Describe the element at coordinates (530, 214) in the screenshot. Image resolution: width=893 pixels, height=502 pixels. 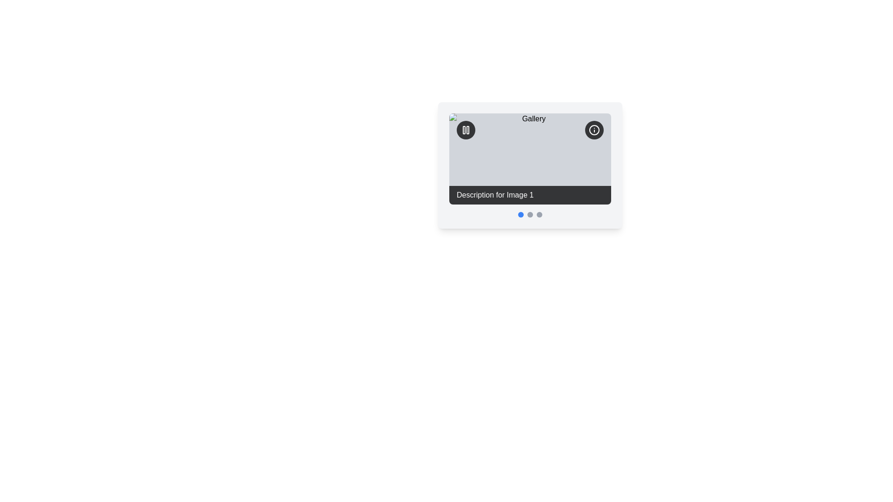
I see `the third circular indicator in the navigation indicator, which is gray` at that location.